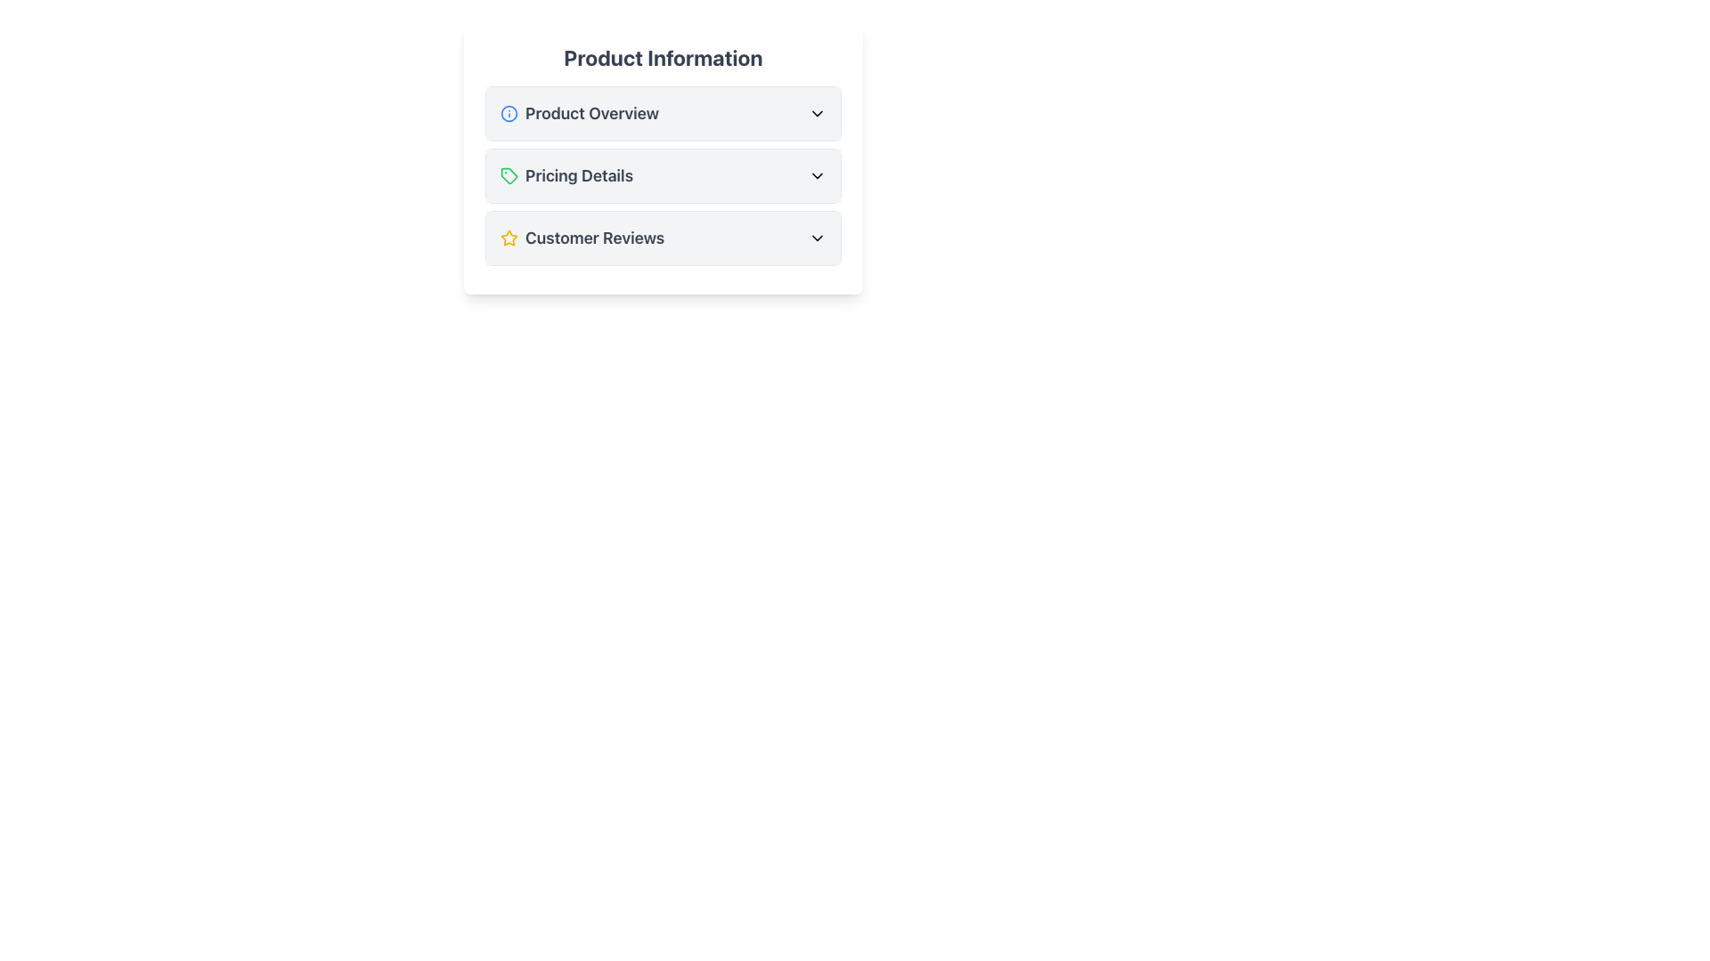 Image resolution: width=1710 pixels, height=961 pixels. I want to click on the tag icon with a green border located in the second list item labeled 'Pricing Details' under 'Product Information', so click(508, 175).